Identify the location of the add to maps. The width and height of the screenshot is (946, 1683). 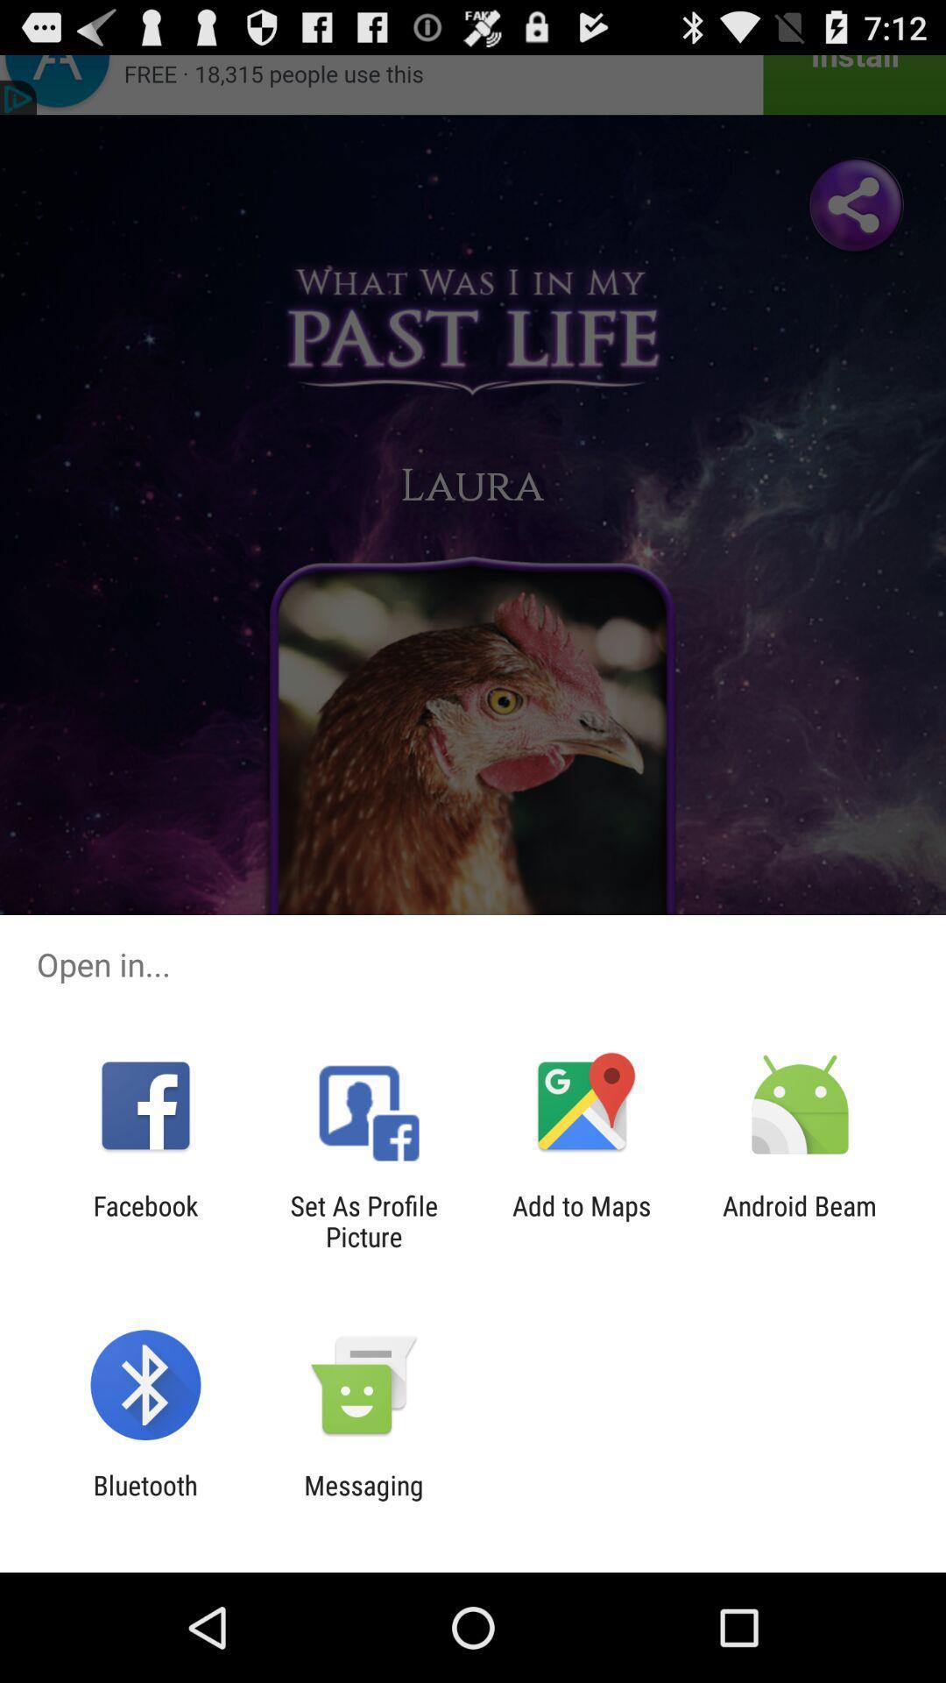
(582, 1220).